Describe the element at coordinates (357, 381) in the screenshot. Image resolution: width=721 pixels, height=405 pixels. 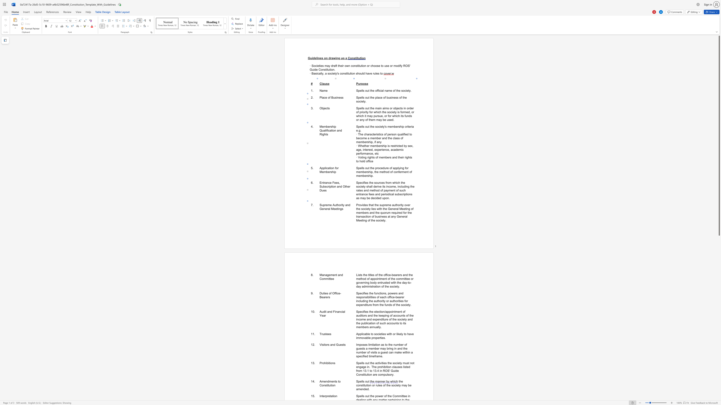
I see `the 1th character "S" in the text` at that location.